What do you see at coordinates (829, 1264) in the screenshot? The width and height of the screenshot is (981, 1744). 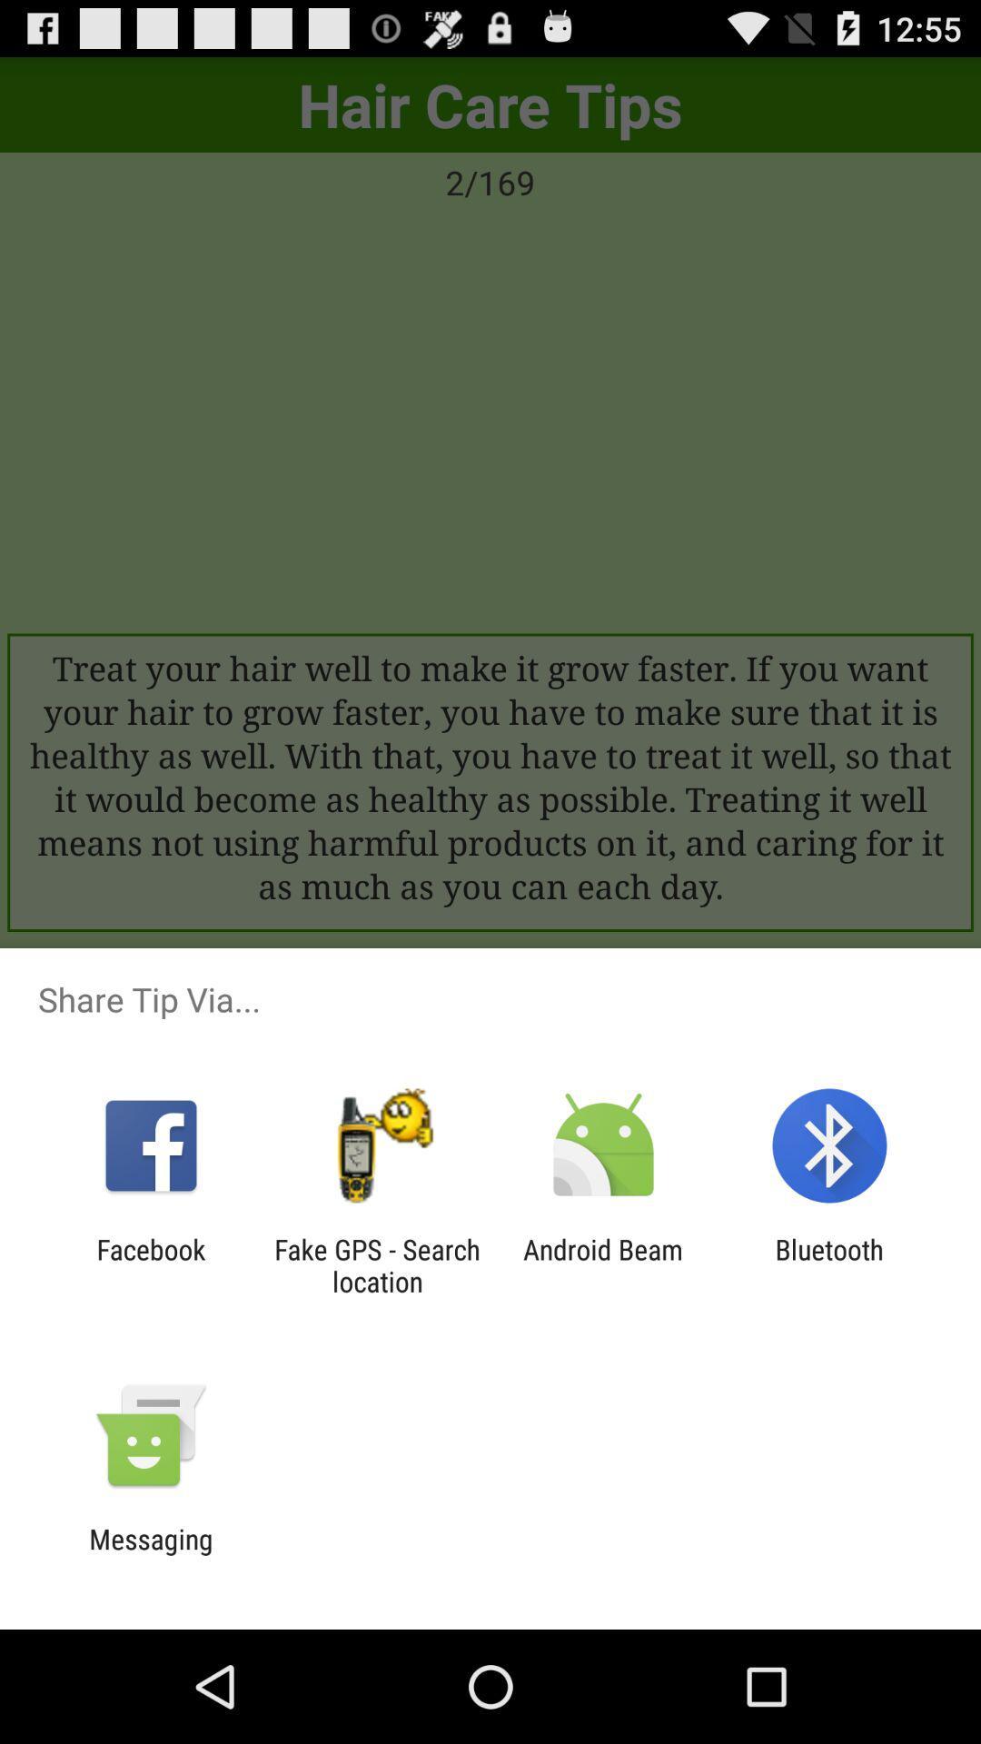 I see `the bluetooth item` at bounding box center [829, 1264].